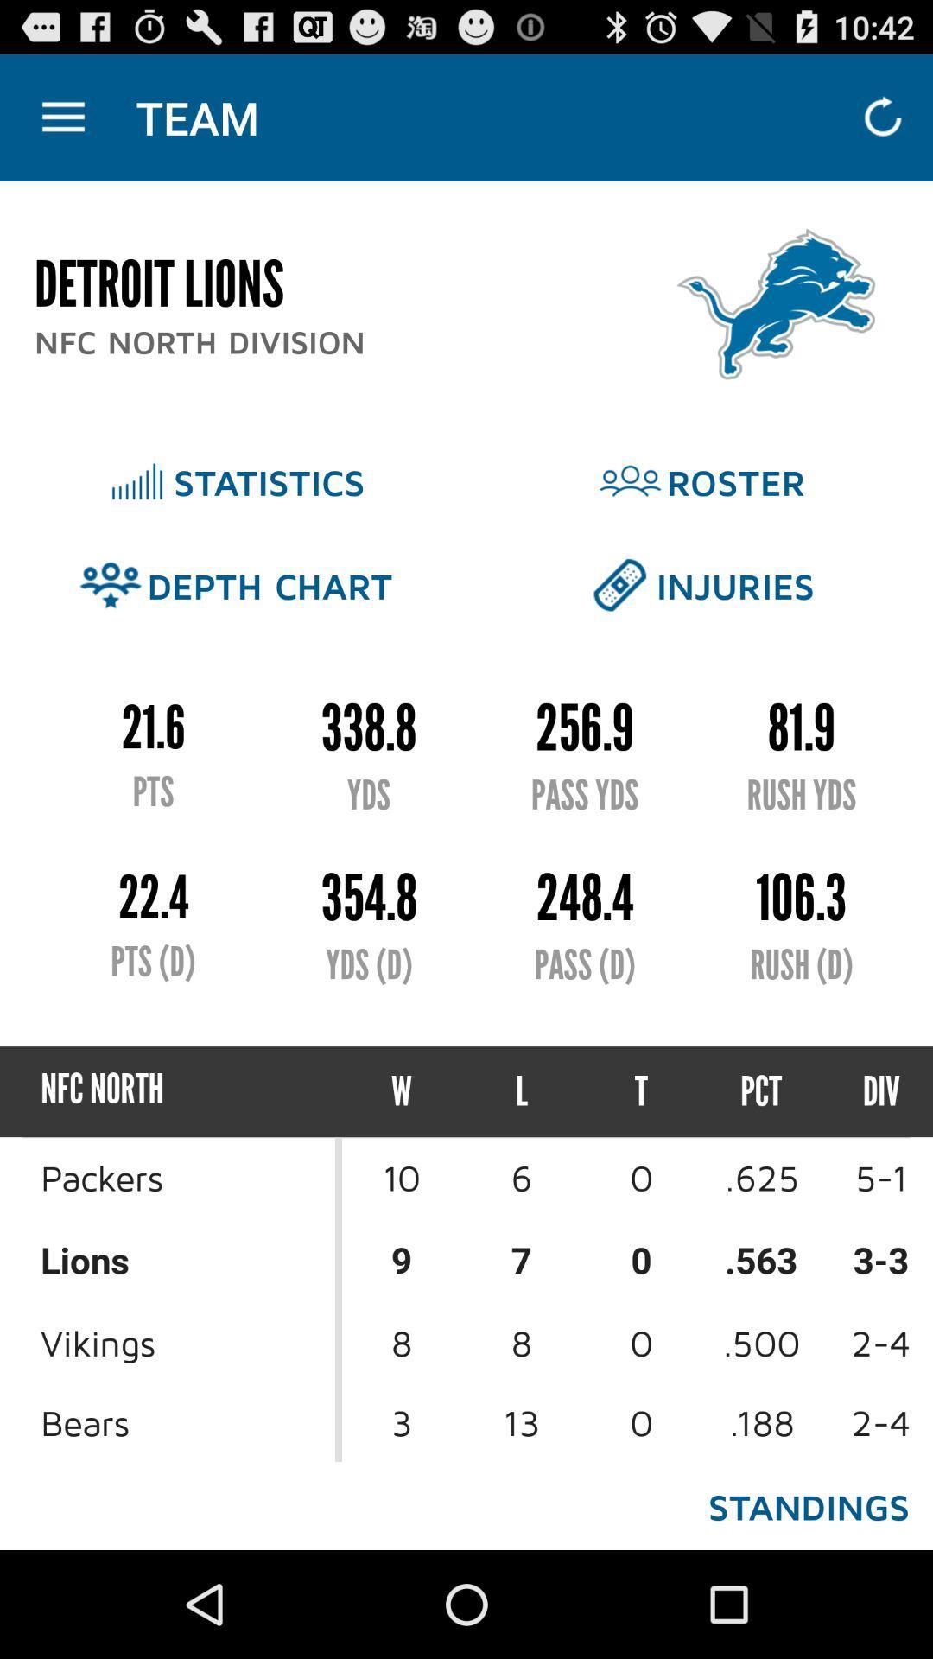  What do you see at coordinates (866, 1090) in the screenshot?
I see `icon above .625` at bounding box center [866, 1090].